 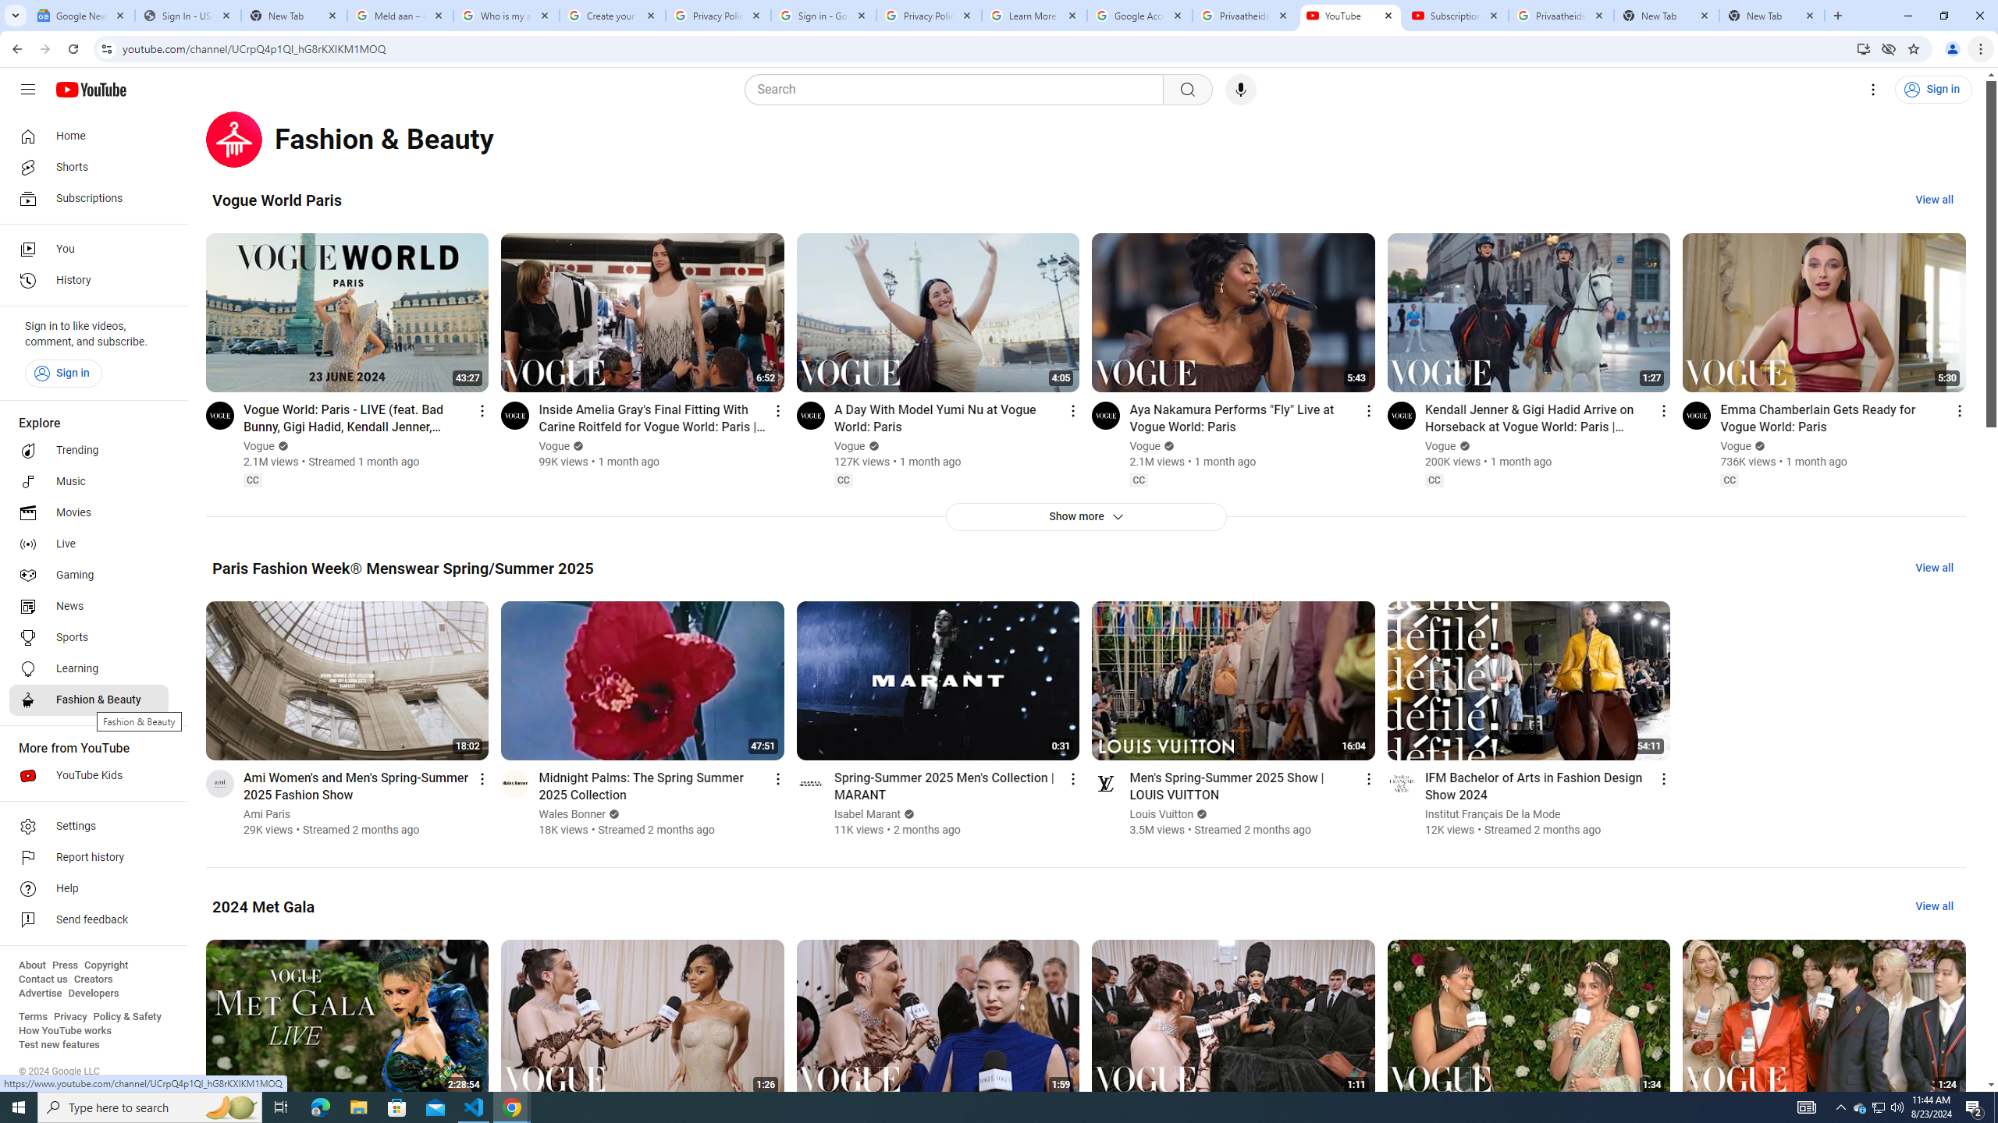 What do you see at coordinates (80, 15) in the screenshot?
I see `'Google News'` at bounding box center [80, 15].